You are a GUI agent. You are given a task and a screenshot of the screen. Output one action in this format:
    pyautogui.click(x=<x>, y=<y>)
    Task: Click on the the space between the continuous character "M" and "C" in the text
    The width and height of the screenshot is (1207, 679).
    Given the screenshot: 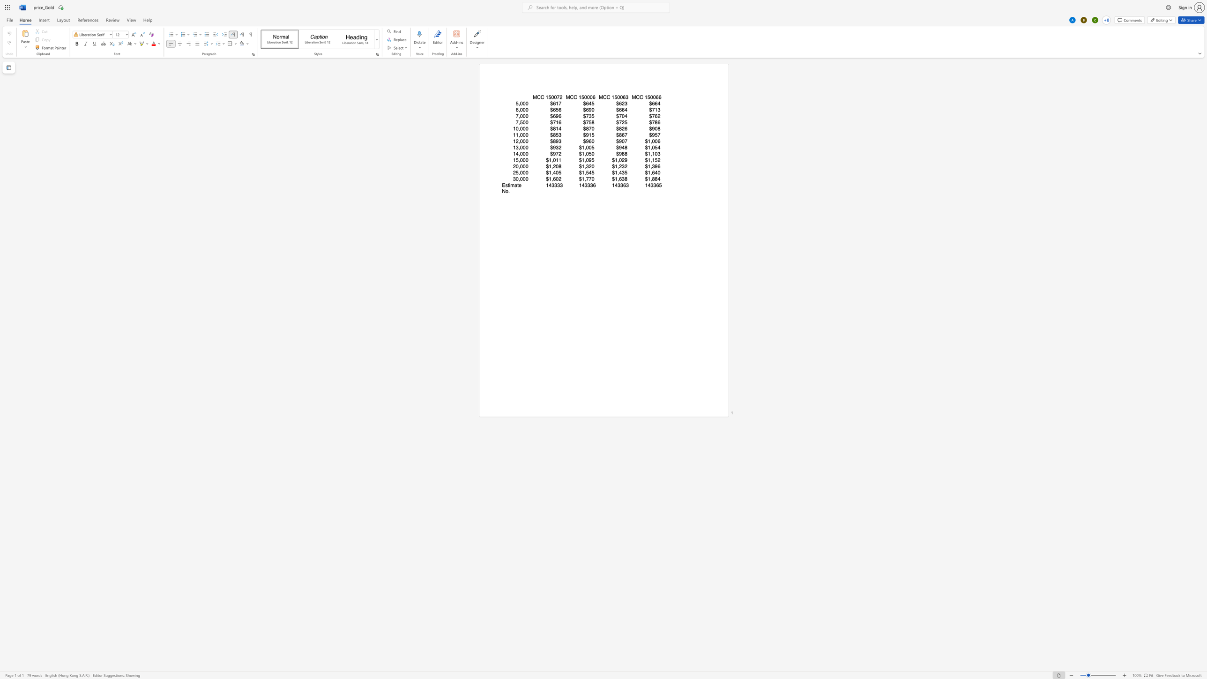 What is the action you would take?
    pyautogui.click(x=536, y=97)
    